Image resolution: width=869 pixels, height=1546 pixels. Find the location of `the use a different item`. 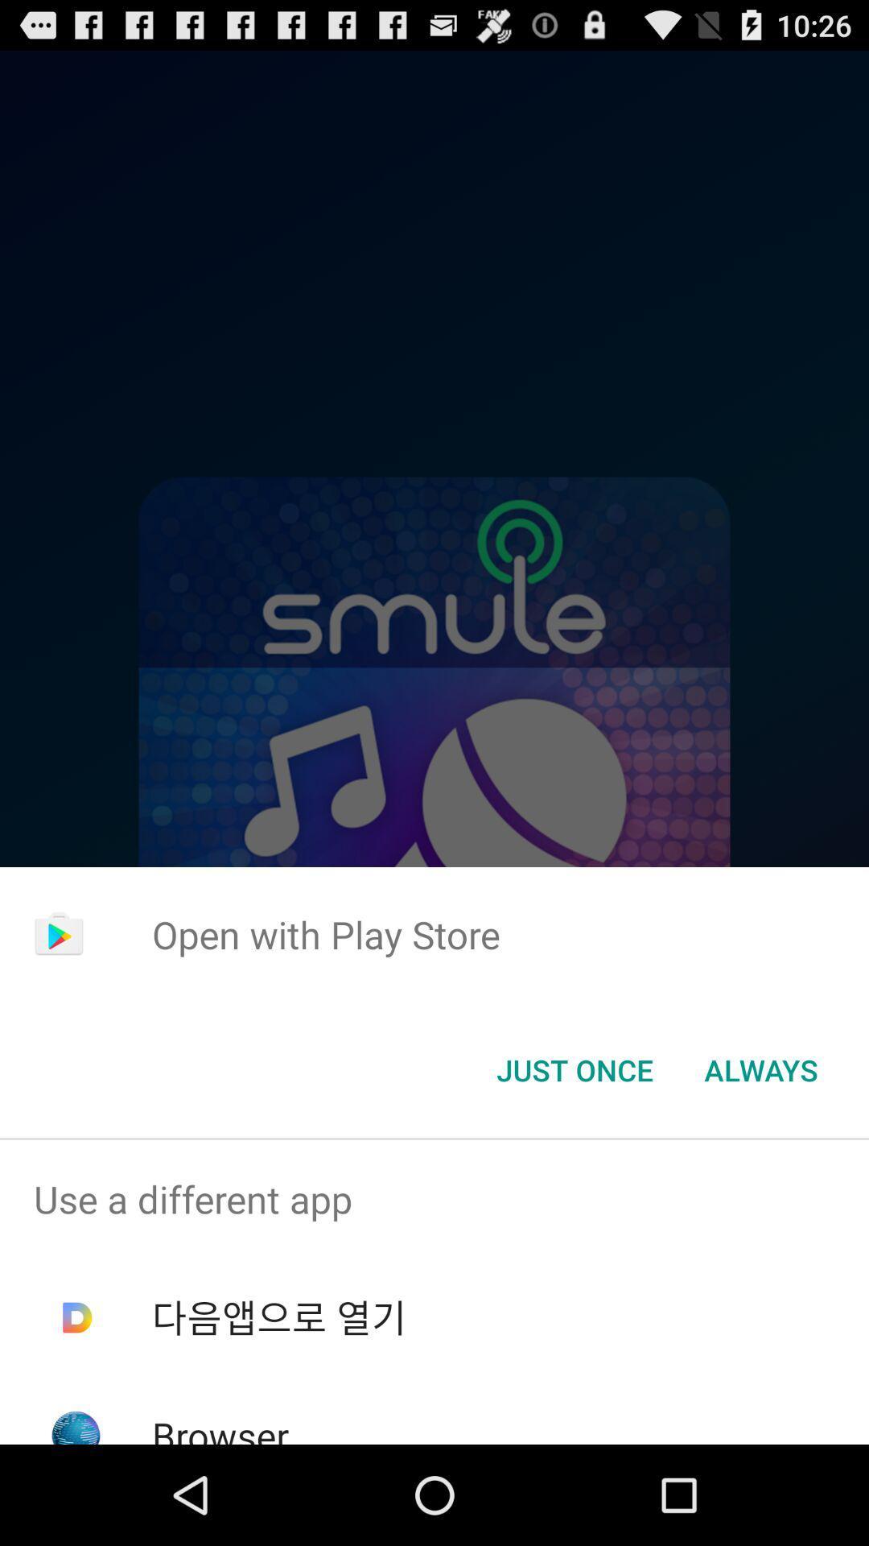

the use a different item is located at coordinates (434, 1199).